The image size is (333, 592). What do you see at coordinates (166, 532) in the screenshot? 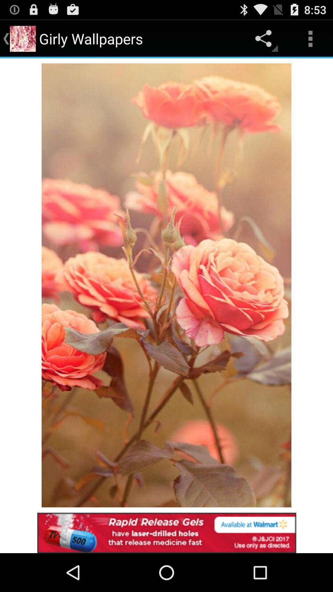
I see `redirects you to offer page` at bounding box center [166, 532].